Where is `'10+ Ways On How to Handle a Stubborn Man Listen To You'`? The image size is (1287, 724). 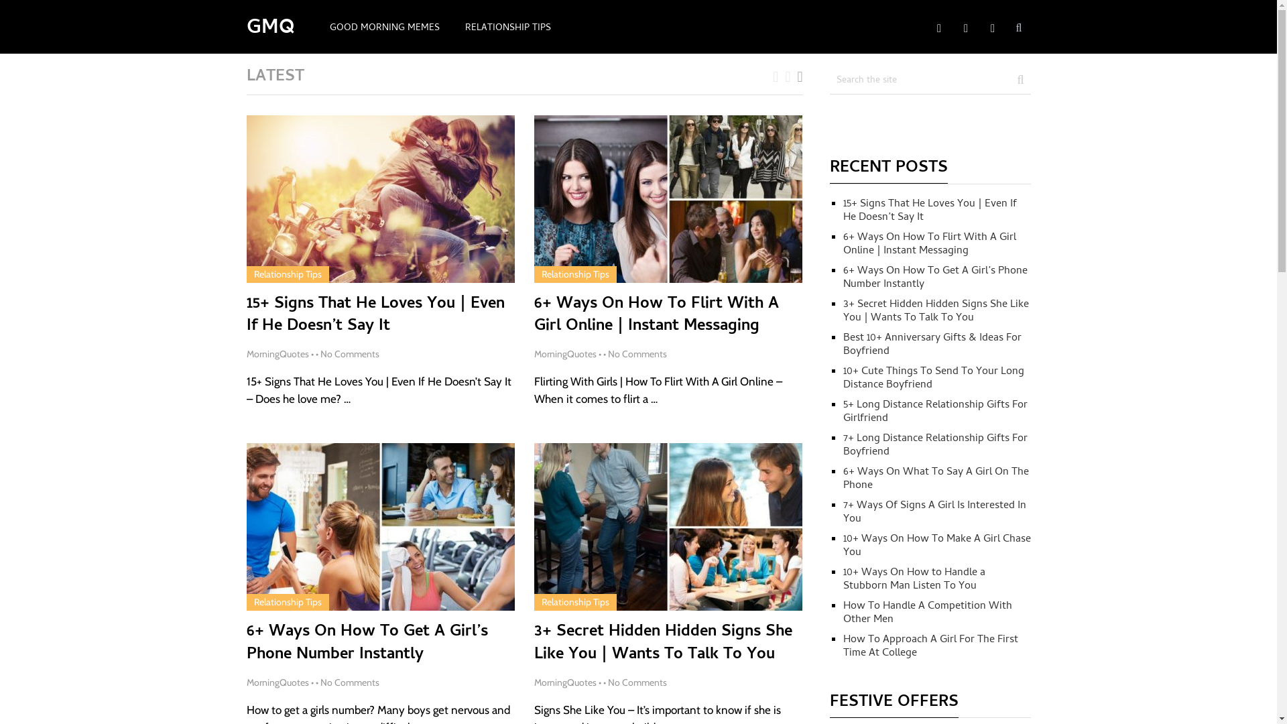 '10+ Ways On How to Handle a Stubborn Man Listen To You' is located at coordinates (913, 579).